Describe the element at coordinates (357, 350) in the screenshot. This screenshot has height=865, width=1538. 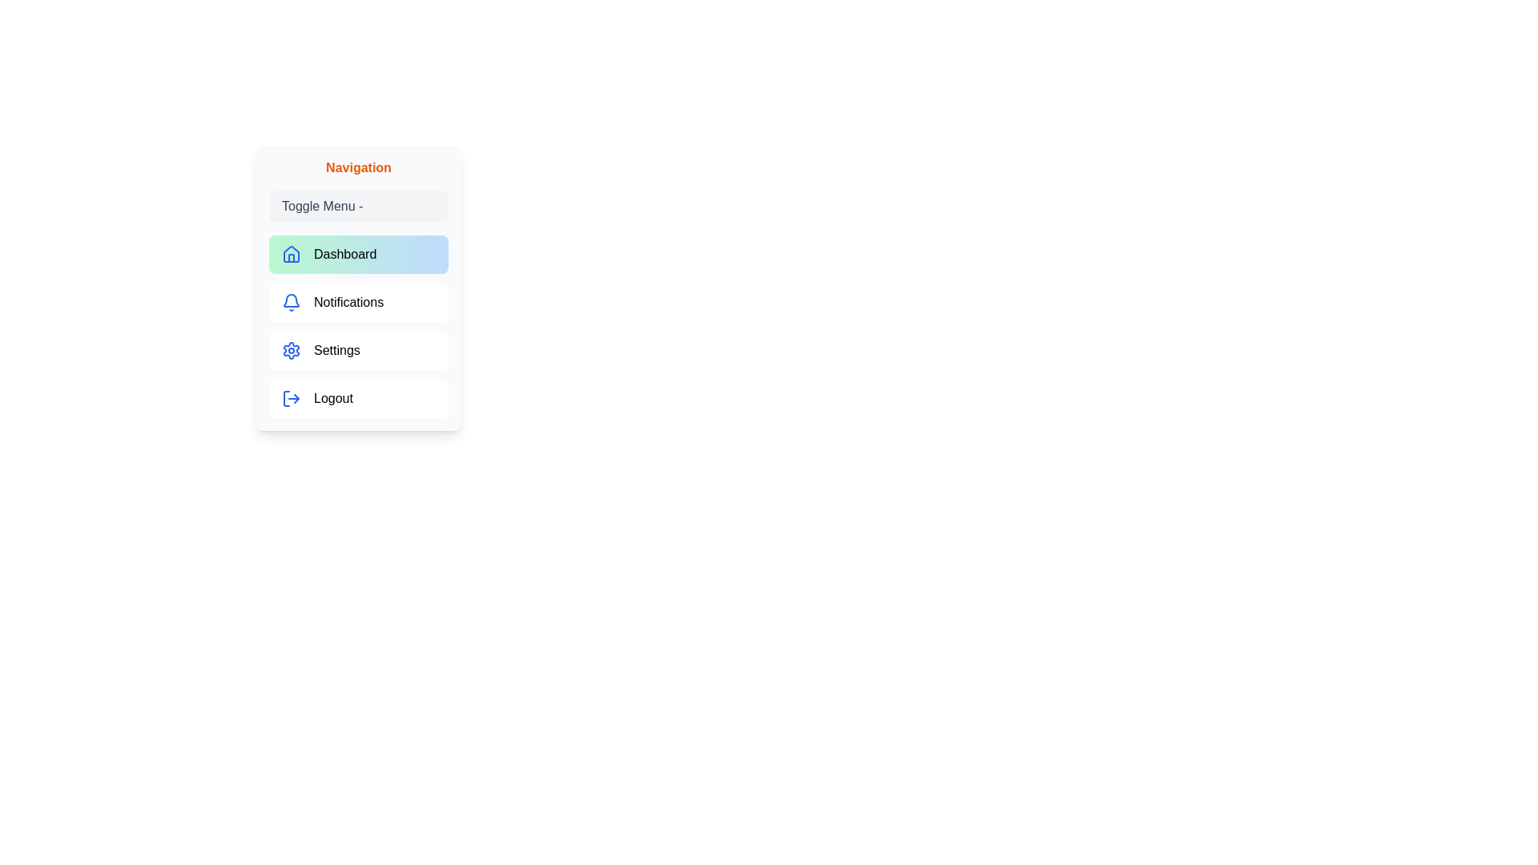
I see `the navigation item Settings from the menu` at that location.